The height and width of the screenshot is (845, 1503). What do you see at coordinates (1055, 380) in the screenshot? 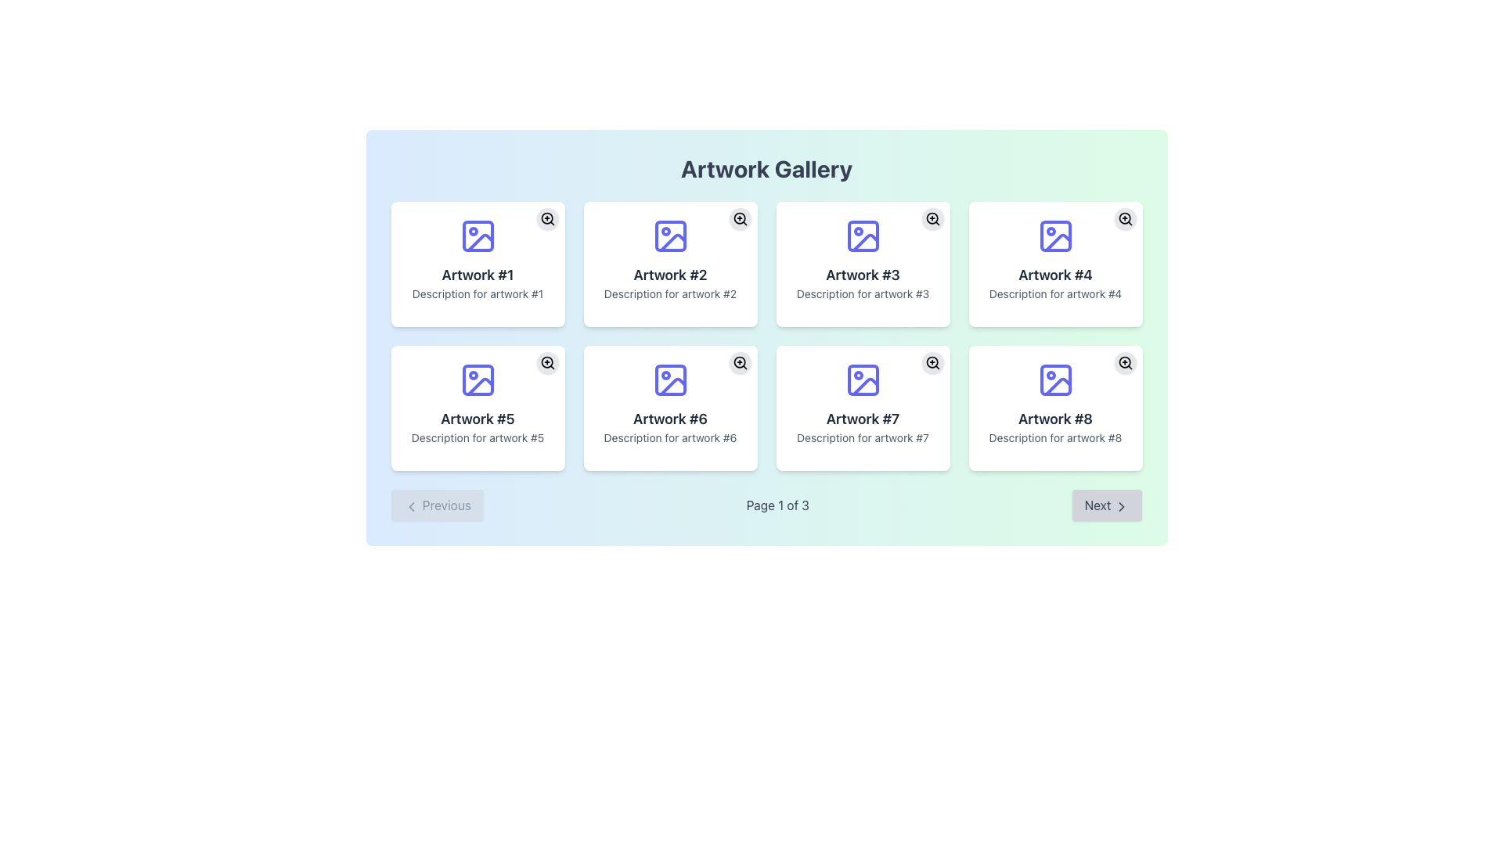
I see `the decorative graphic shape located at the top-left corner of the artwork image's frame for 'Artwork #8' in the gallery` at bounding box center [1055, 380].